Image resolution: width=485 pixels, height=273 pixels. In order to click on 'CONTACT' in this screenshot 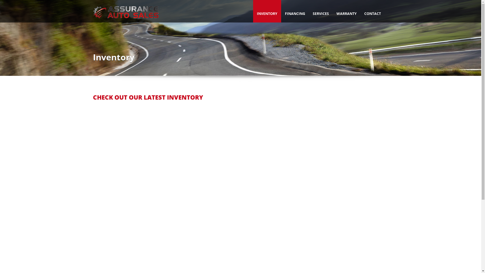, I will do `click(372, 11)`.